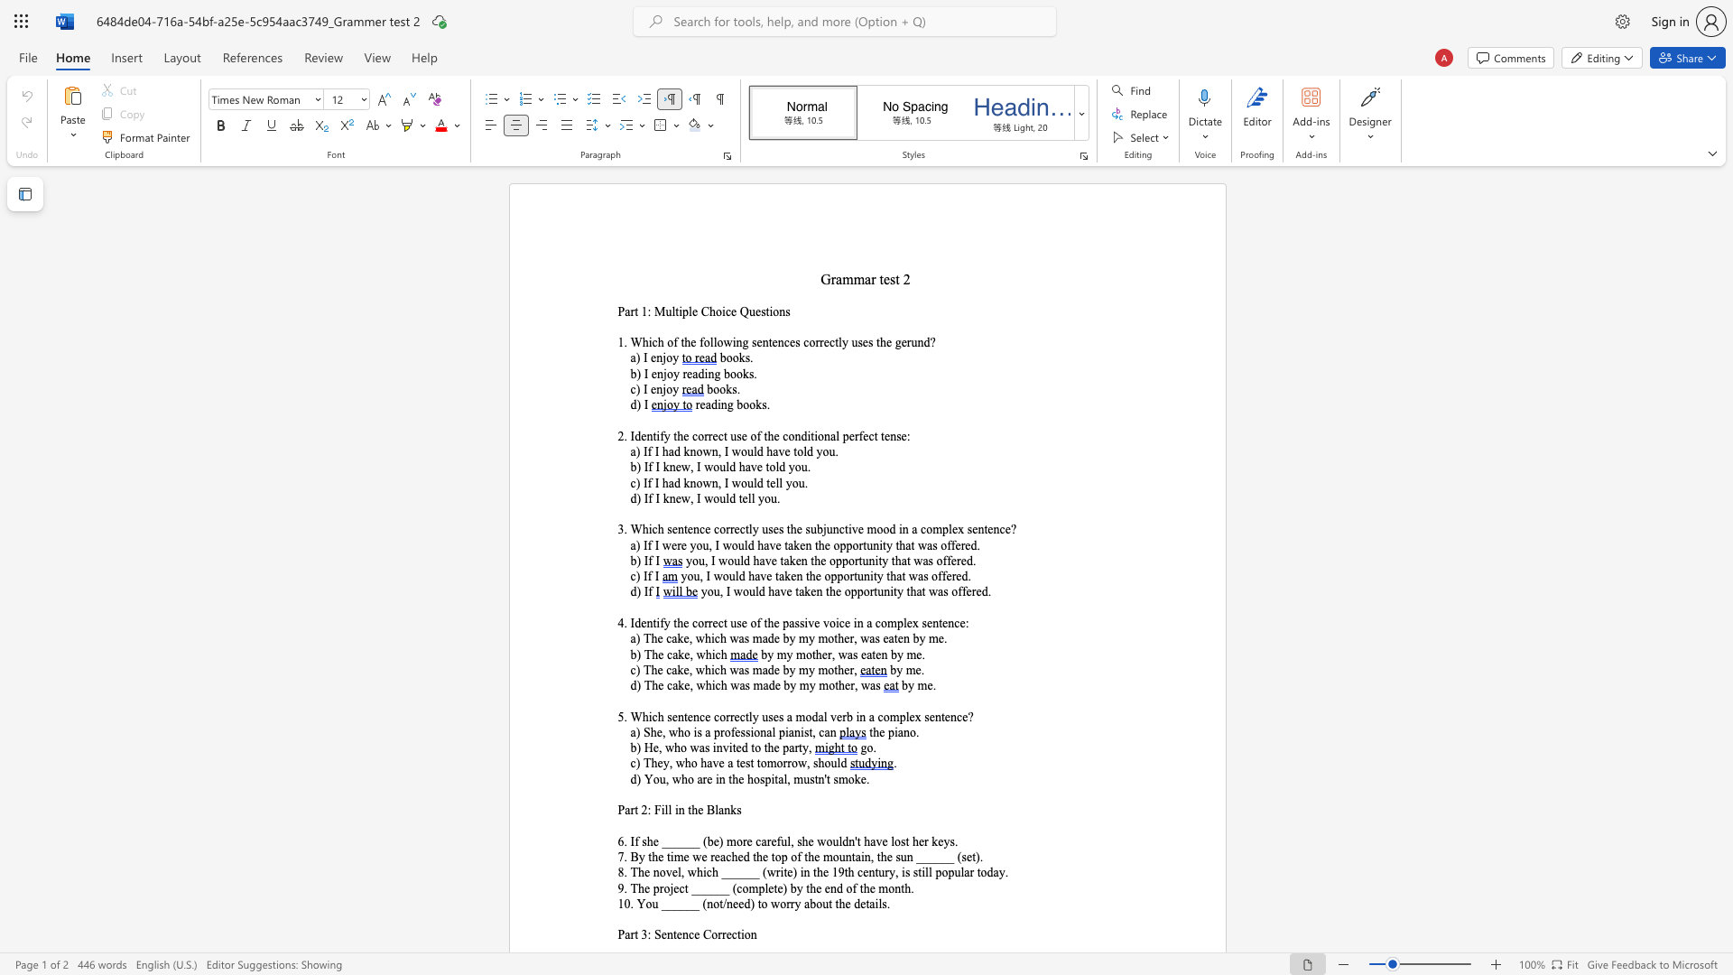 The height and width of the screenshot is (975, 1733). Describe the element at coordinates (794, 904) in the screenshot. I see `the subset text "y abou" within the text "10. You ______ (not/need) to worry about the details."` at that location.